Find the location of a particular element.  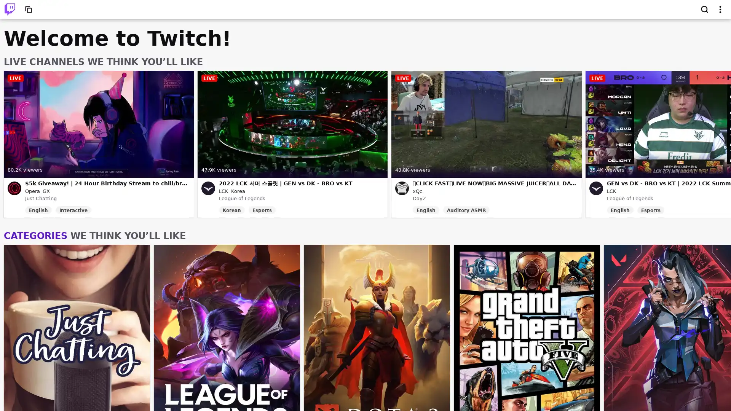

Search is located at coordinates (704, 9).